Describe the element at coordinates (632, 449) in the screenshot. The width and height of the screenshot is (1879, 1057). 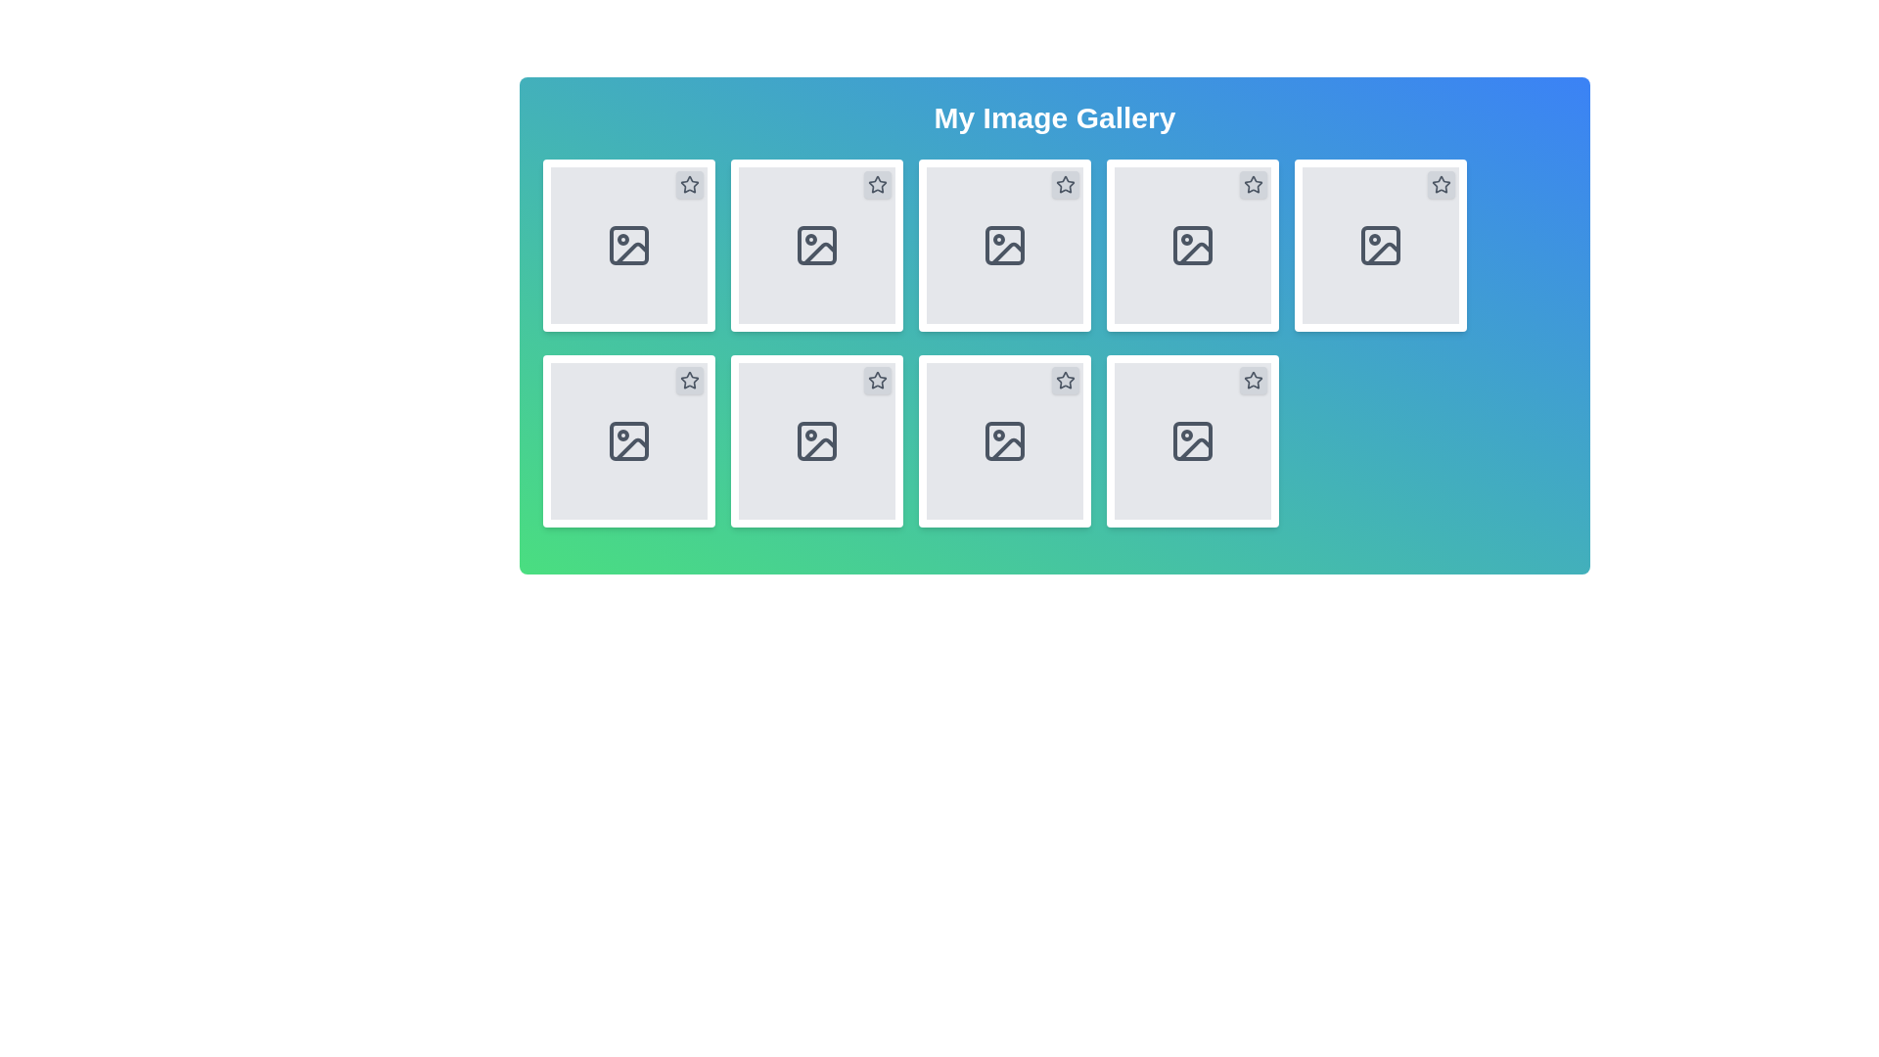
I see `the small, angular-shaped vector graphic representing a slanted line, located within the bottom-left slot of a 2x4 grid in the gallery` at that location.